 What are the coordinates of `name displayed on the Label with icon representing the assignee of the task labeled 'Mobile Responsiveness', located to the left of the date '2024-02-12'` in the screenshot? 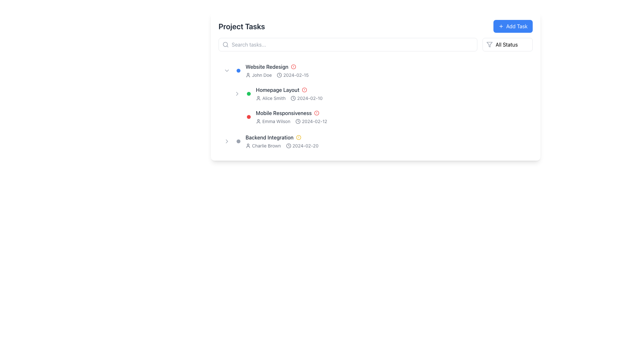 It's located at (273, 121).